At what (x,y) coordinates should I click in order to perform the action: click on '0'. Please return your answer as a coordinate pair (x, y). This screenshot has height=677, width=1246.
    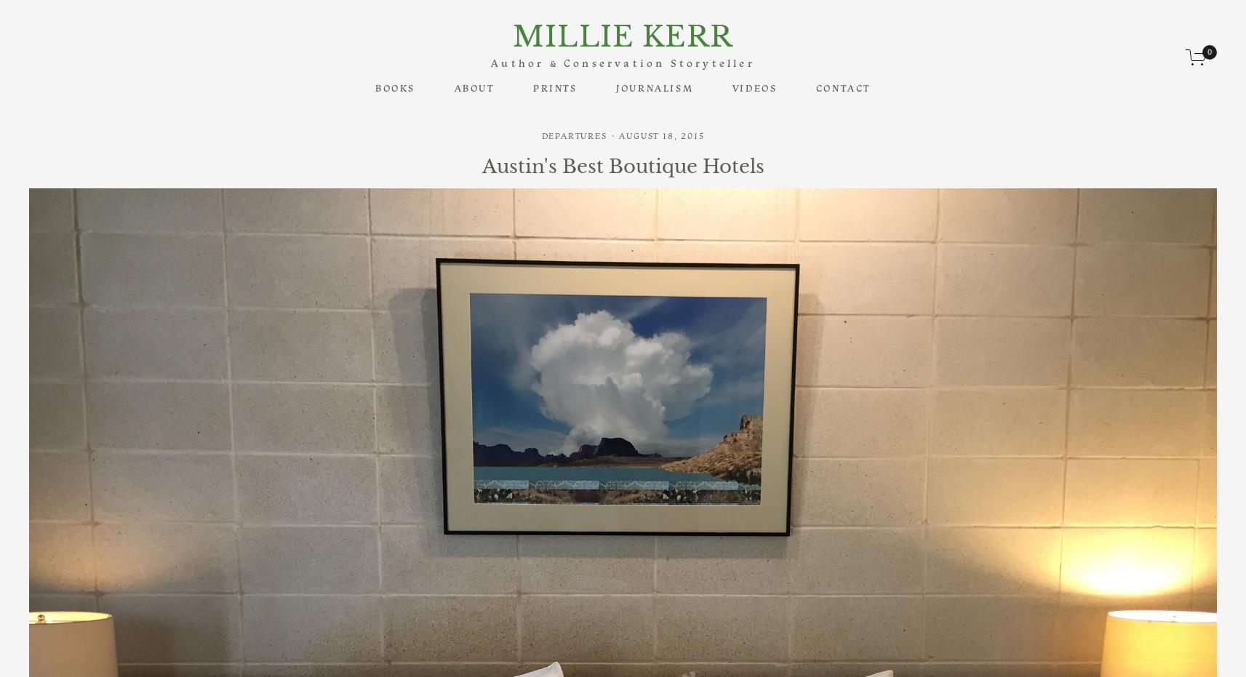
    Looking at the image, I should click on (1209, 52).